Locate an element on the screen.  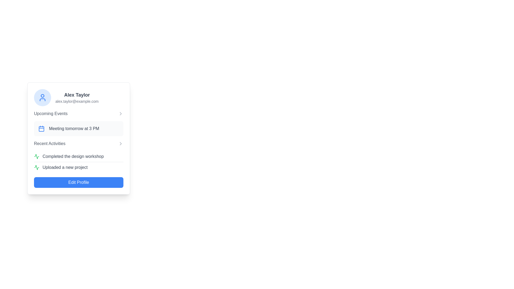
the non-interactive text label that provides information about an upcoming event, located next to the calendar icon under the 'Upcoming Events' heading is located at coordinates (74, 129).